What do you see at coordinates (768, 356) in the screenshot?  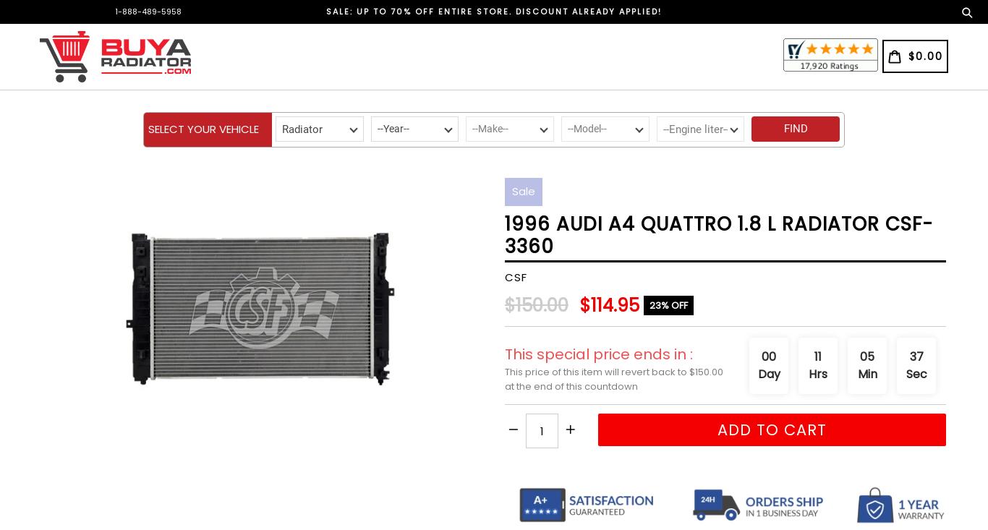 I see `'00'` at bounding box center [768, 356].